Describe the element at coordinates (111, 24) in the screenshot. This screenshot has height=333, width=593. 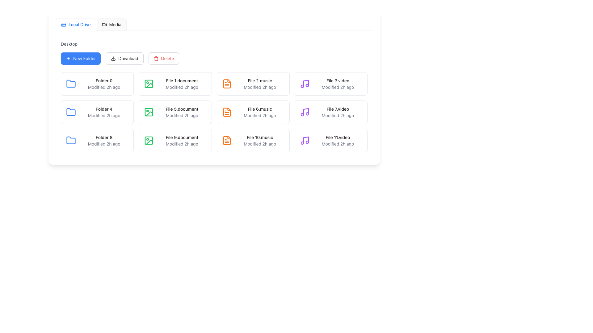
I see `the 'Media' tab button located immediately to the right of the 'Local Drive' tab in the top-left corner of the layout` at that location.